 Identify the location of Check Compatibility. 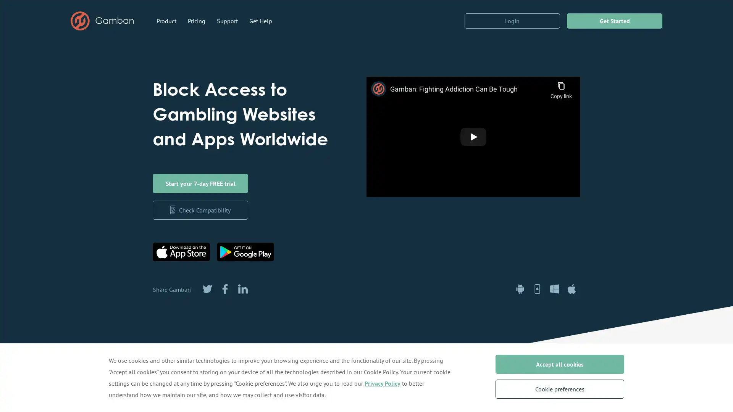
(200, 210).